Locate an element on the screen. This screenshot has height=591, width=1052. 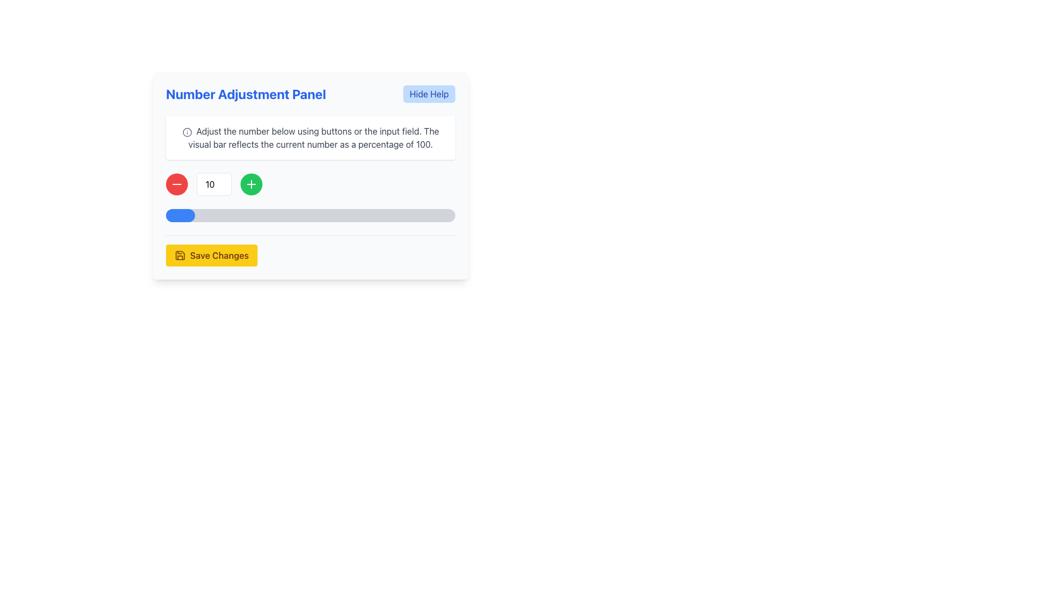
the yellow rectangular button labeled 'Save Changes' with a save icon is located at coordinates (211, 255).